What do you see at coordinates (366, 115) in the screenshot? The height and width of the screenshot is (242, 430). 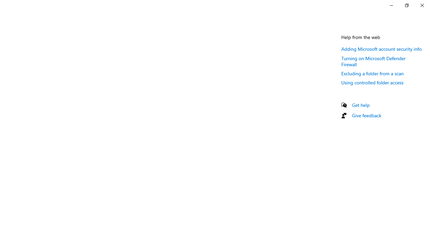 I see `'Give feedback'` at bounding box center [366, 115].